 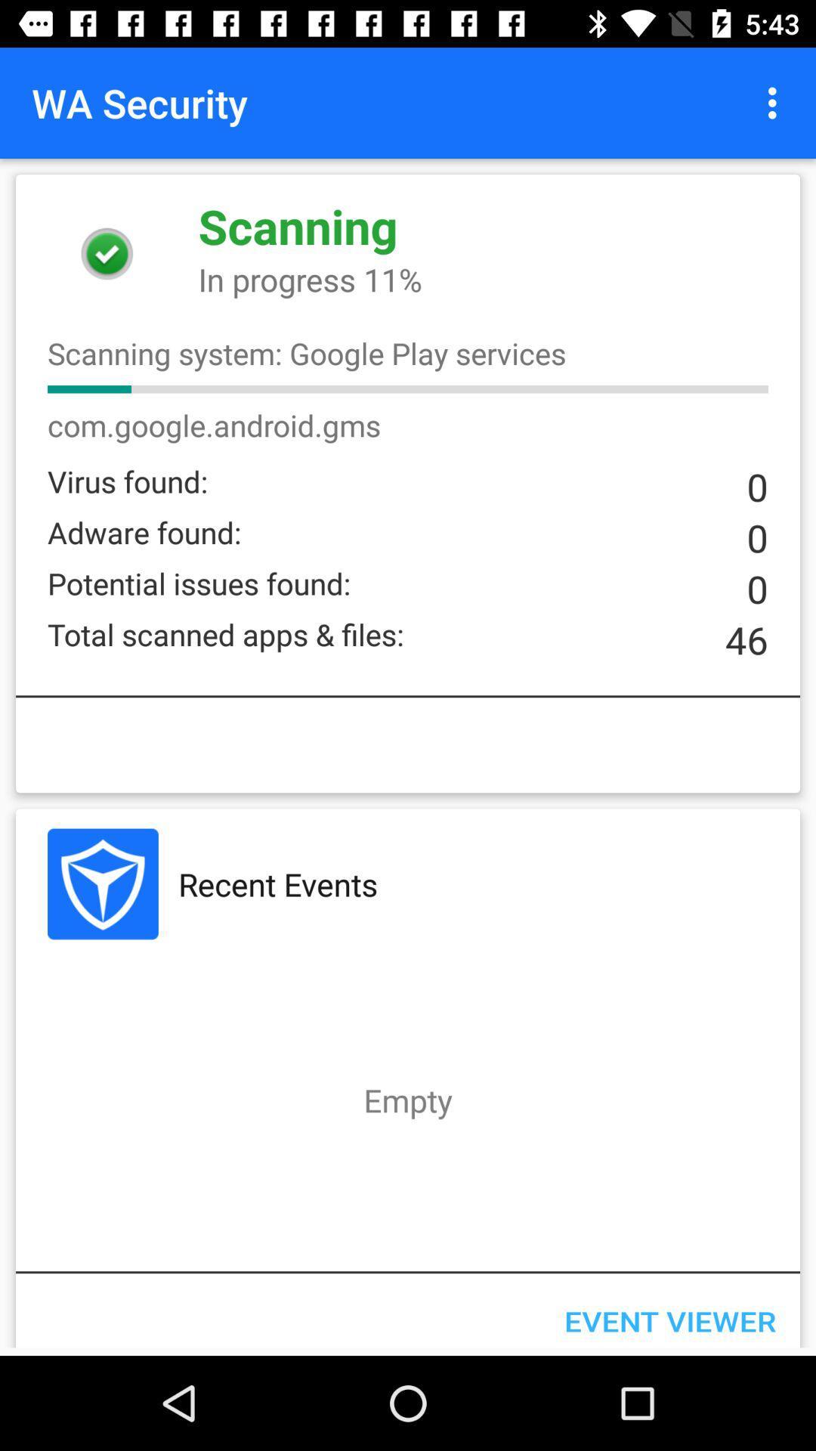 I want to click on item above in progress 11% item, so click(x=776, y=102).